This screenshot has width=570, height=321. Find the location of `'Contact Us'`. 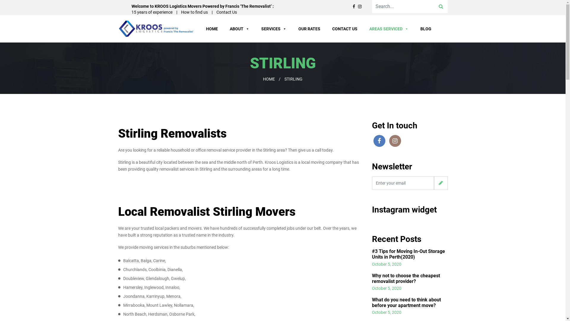

'Contact Us' is located at coordinates (226, 12).